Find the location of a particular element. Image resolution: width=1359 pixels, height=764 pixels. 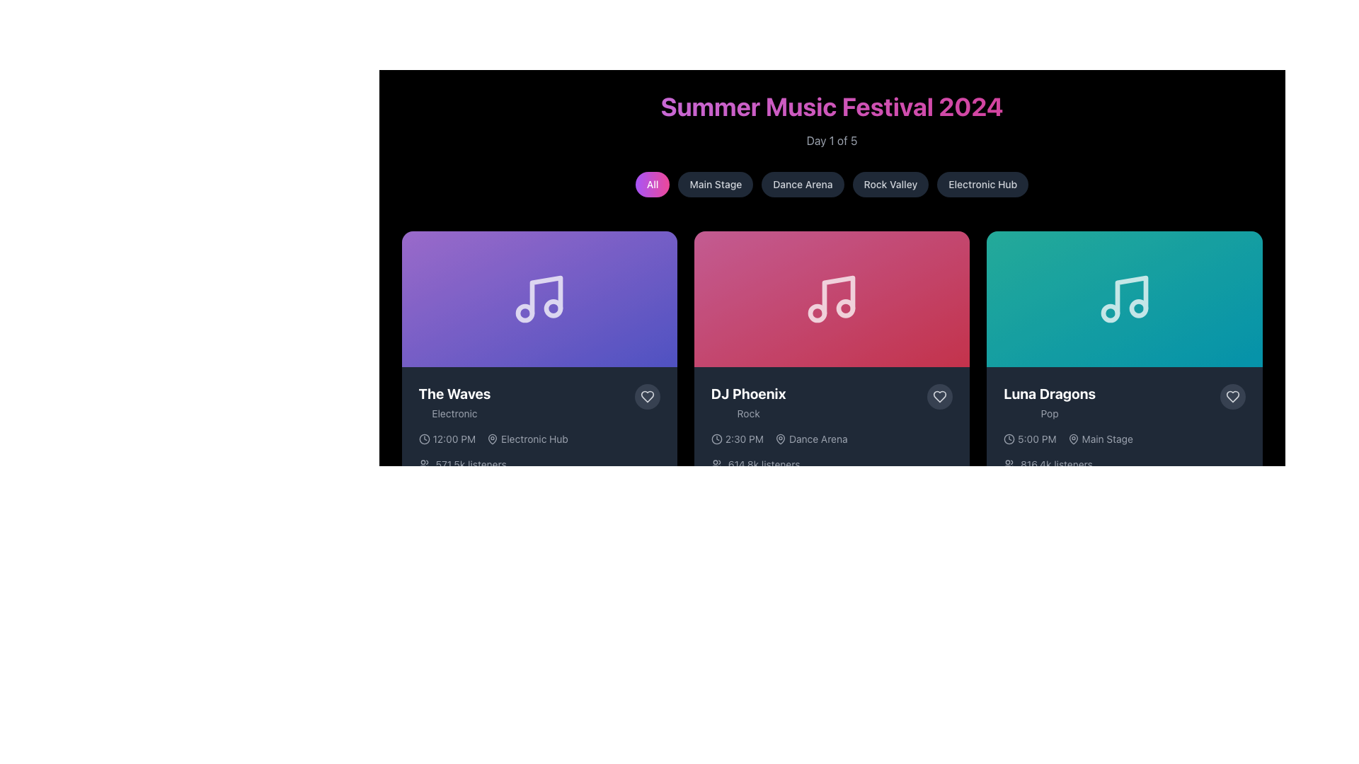

the first card in the grid layout is located at coordinates (539, 382).